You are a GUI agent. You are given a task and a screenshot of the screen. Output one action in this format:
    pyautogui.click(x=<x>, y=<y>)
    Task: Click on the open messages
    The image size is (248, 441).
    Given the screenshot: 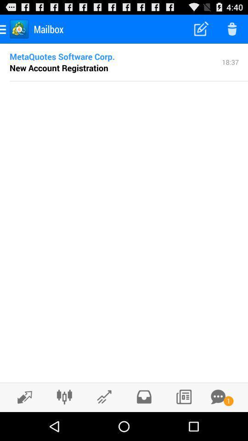 What is the action you would take?
    pyautogui.click(x=218, y=396)
    